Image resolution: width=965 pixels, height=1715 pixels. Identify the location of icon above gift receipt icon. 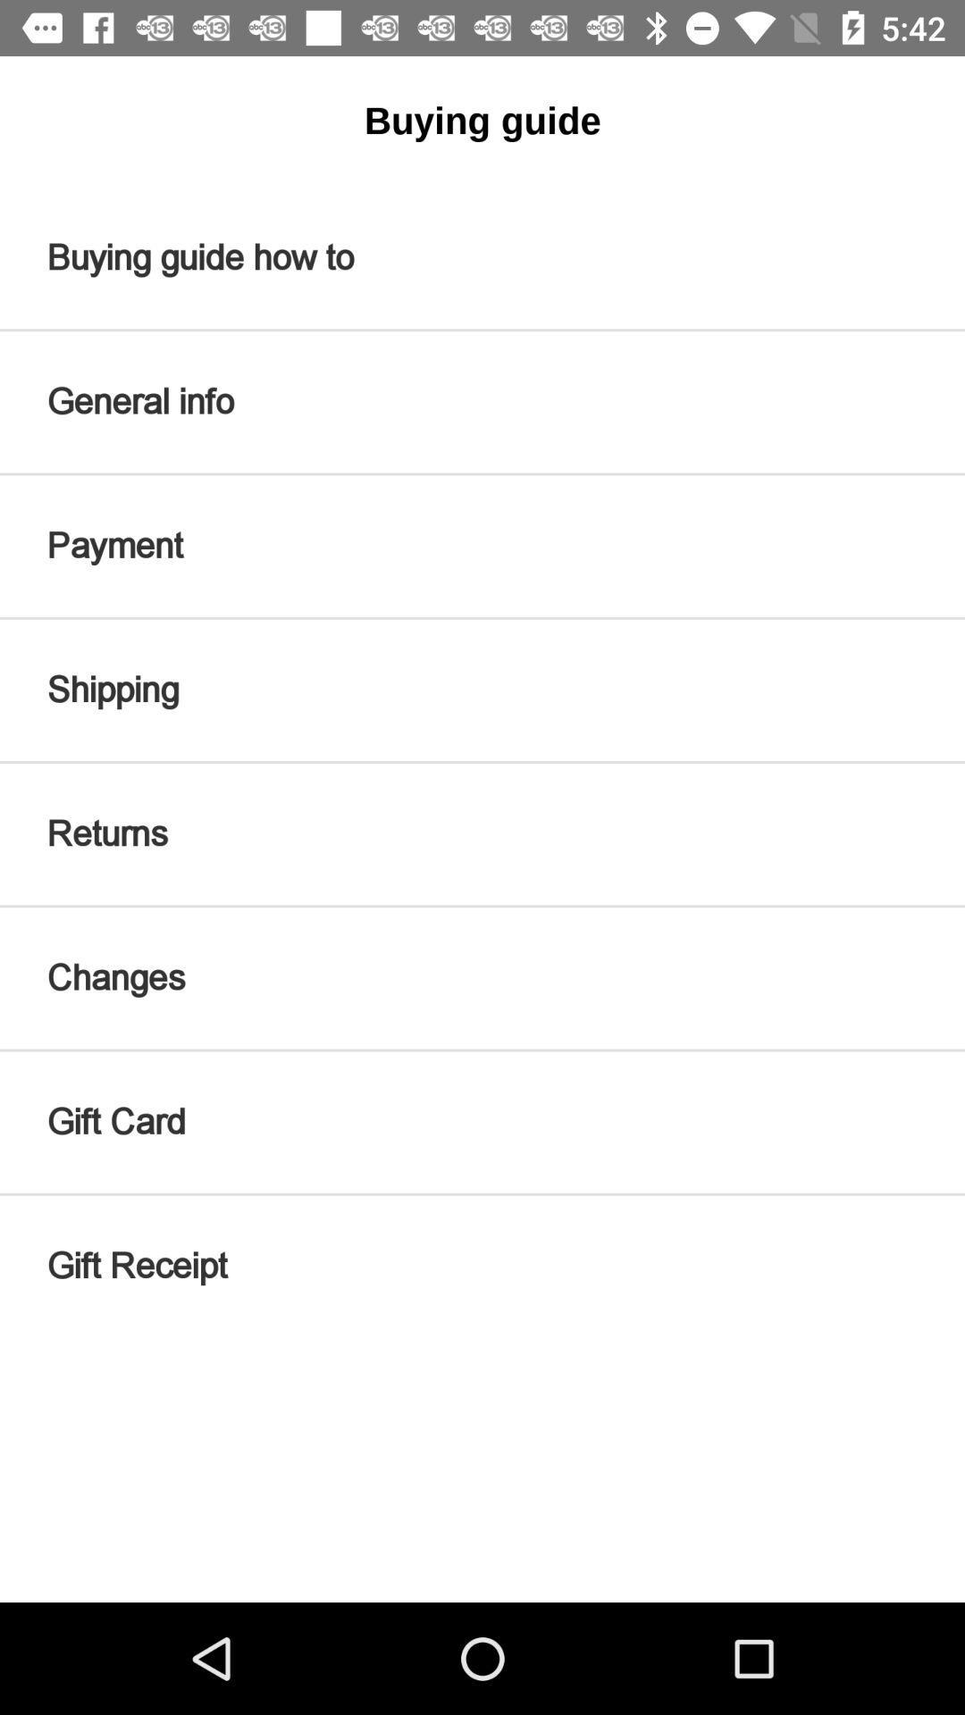
(482, 1121).